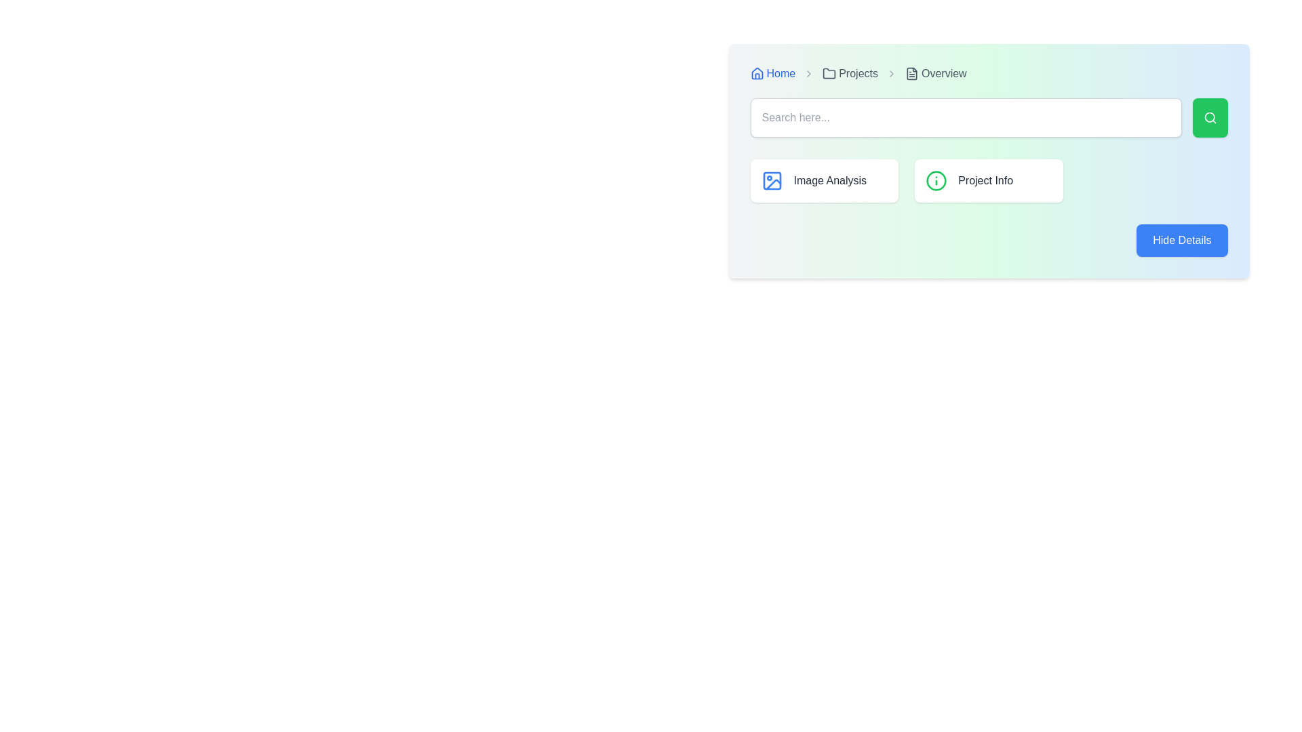 The width and height of the screenshot is (1302, 732). I want to click on the gray right-facing chevron icon that separates 'Home' and 'Projects' in the breadcrumb navigation interface, so click(809, 73).